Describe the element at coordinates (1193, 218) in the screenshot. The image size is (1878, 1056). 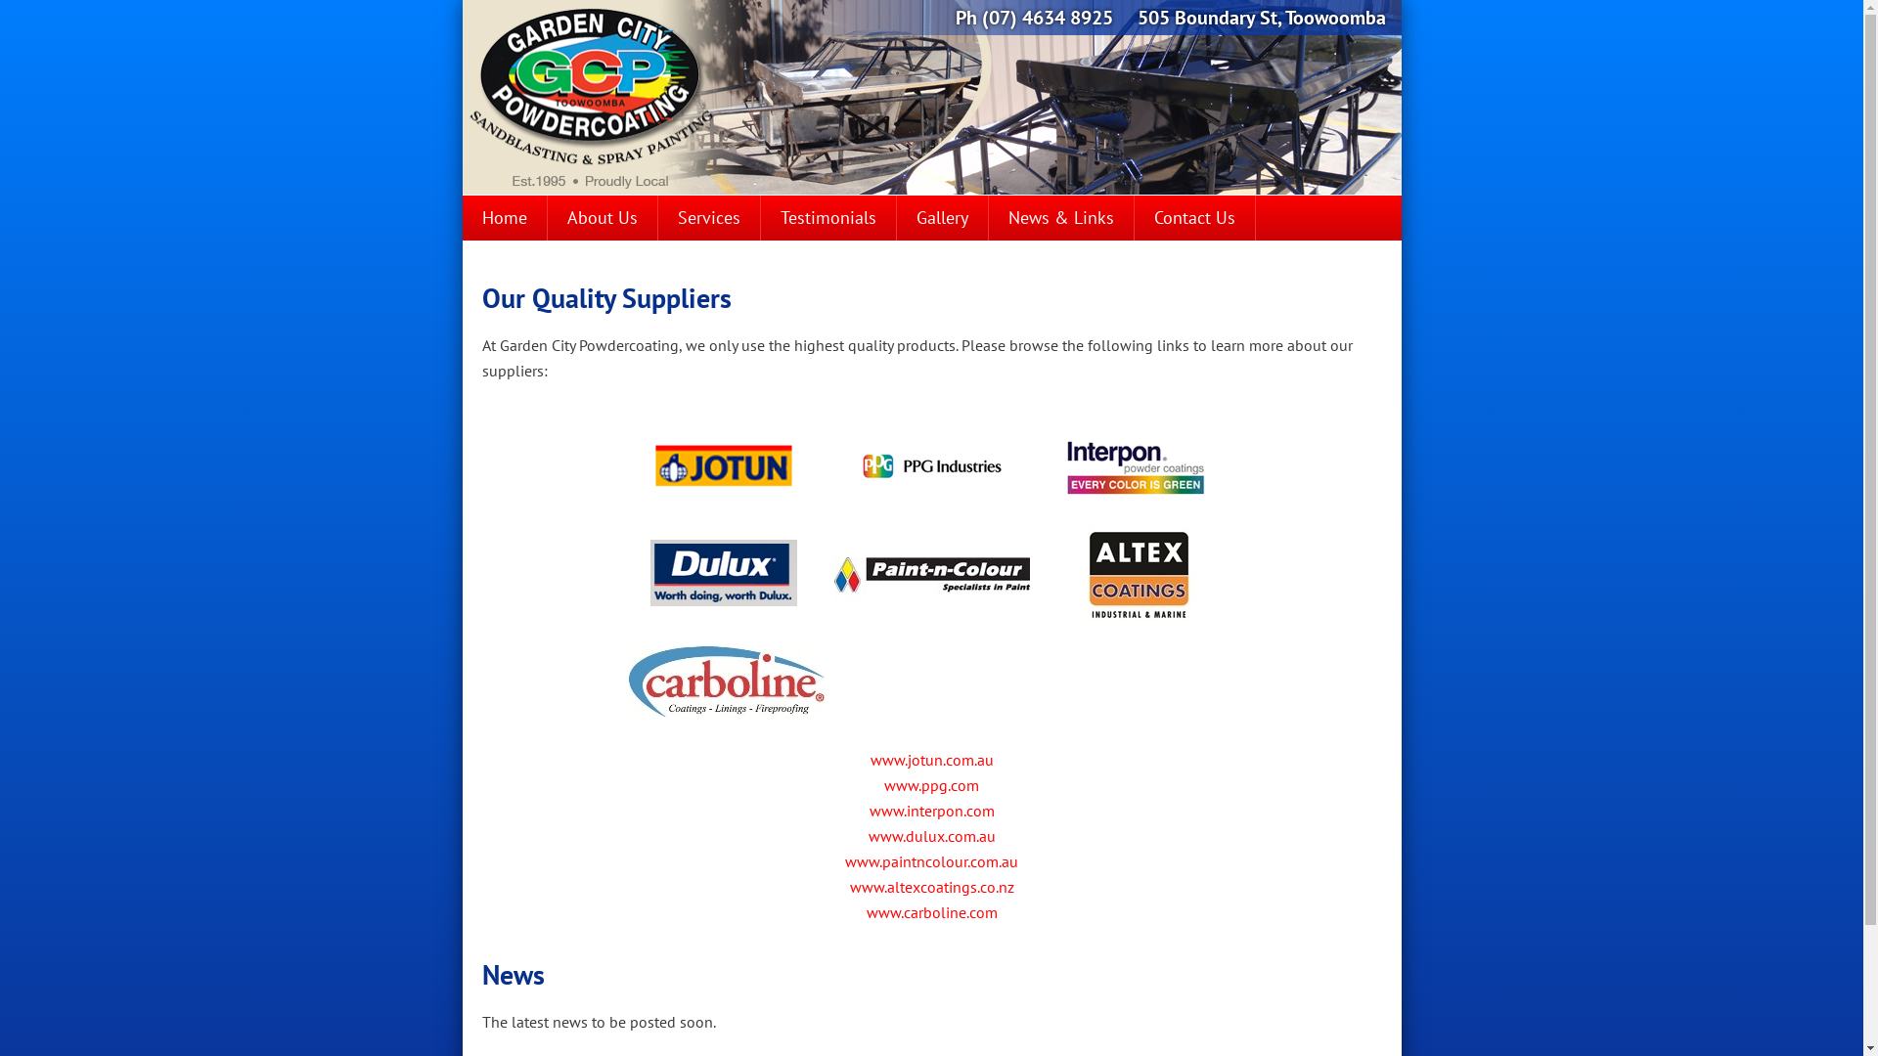
I see `'Contact Us'` at that location.